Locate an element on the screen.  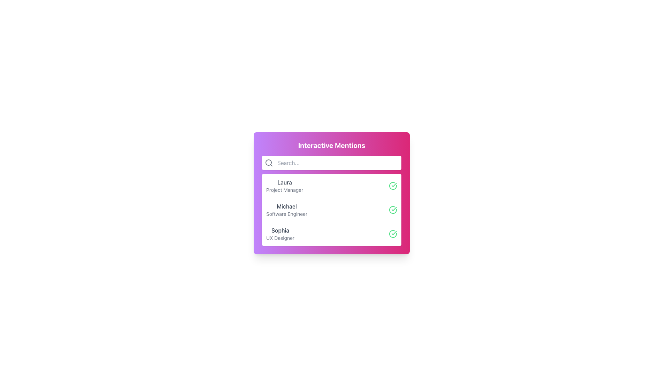
to select the user profile listed as the first item in the vertical list beneath the search bar is located at coordinates (331, 185).